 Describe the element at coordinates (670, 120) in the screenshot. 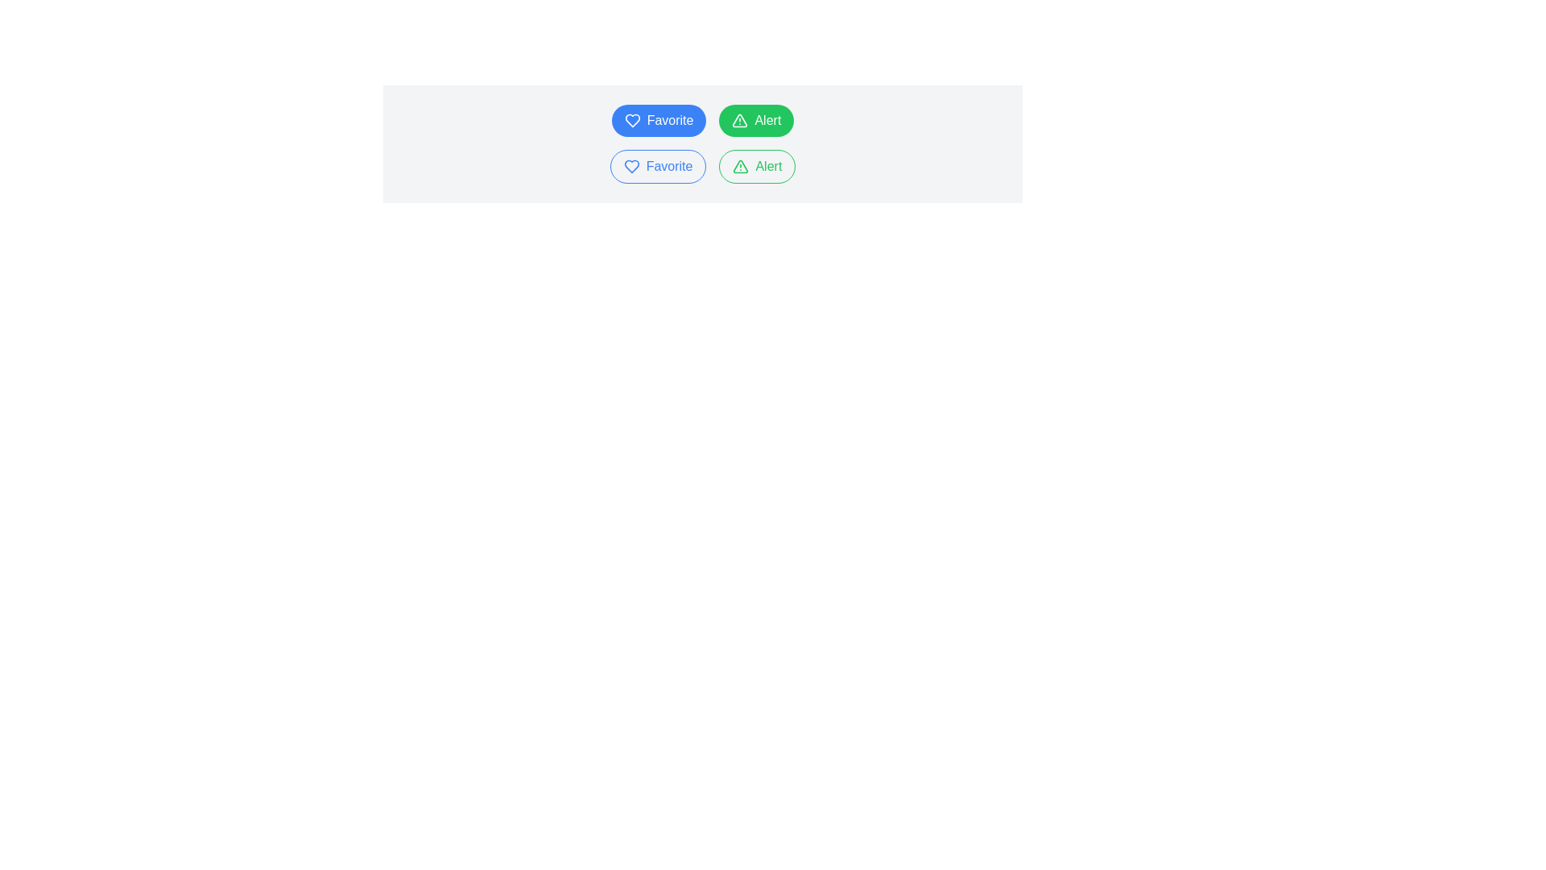

I see `the 'Favorite' text label within the button that indicates marking or favoriting an item, positioned in the top left corner of the interface` at that location.